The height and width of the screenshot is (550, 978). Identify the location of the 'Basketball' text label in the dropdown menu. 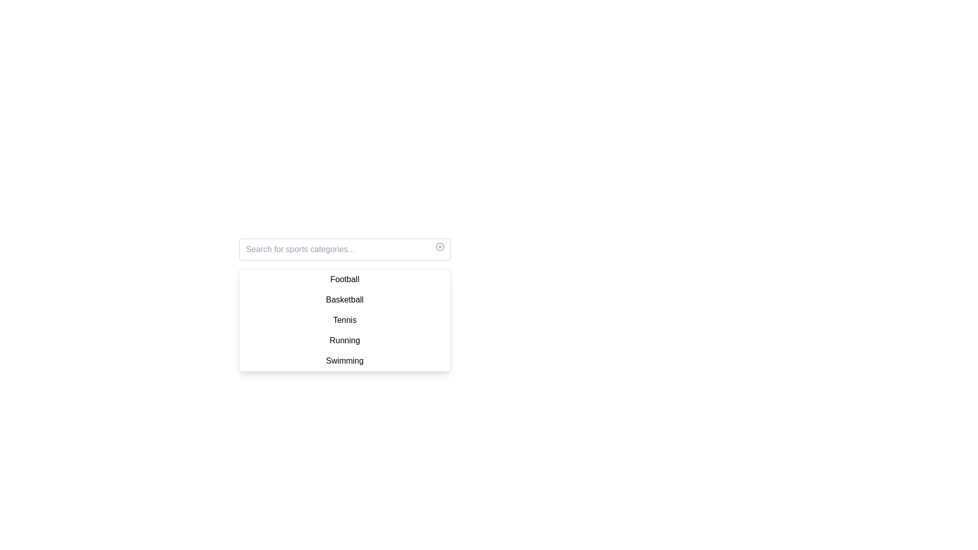
(344, 304).